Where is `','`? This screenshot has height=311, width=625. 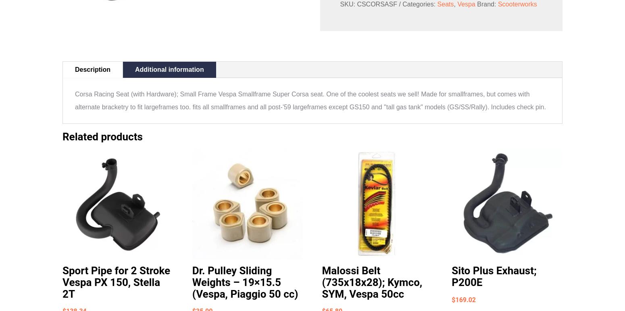
',' is located at coordinates (453, 4).